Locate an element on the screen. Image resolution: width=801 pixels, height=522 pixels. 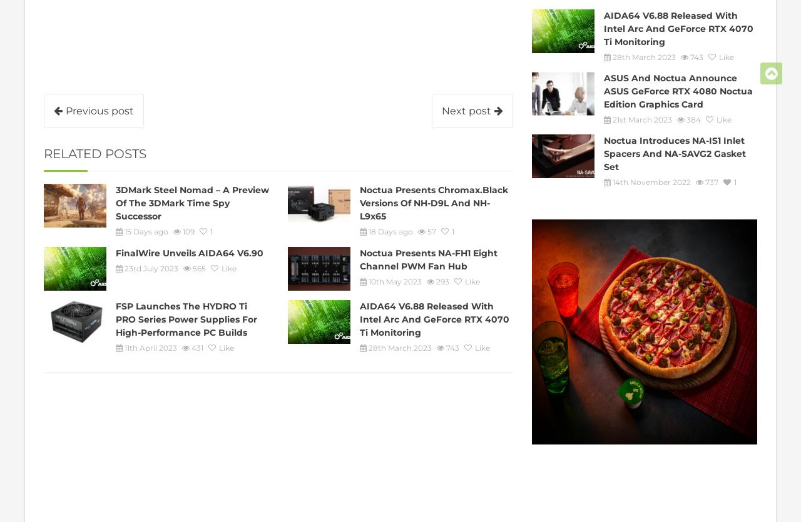
'10th May 2023' is located at coordinates (395, 280).